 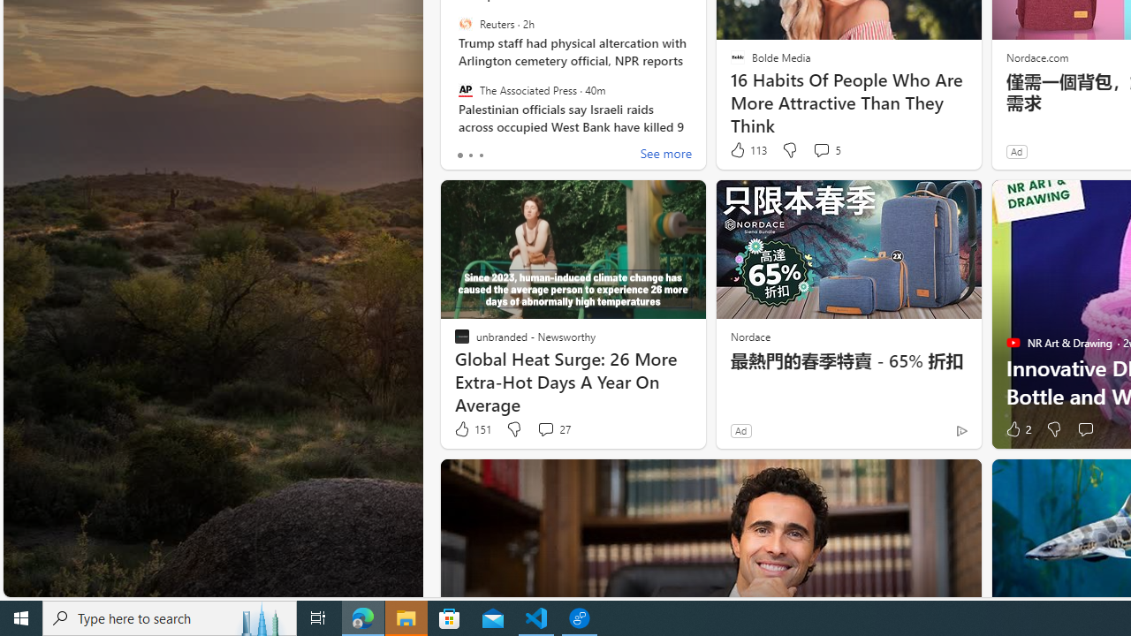 I want to click on 'View comments 27 Comment', so click(x=544, y=429).